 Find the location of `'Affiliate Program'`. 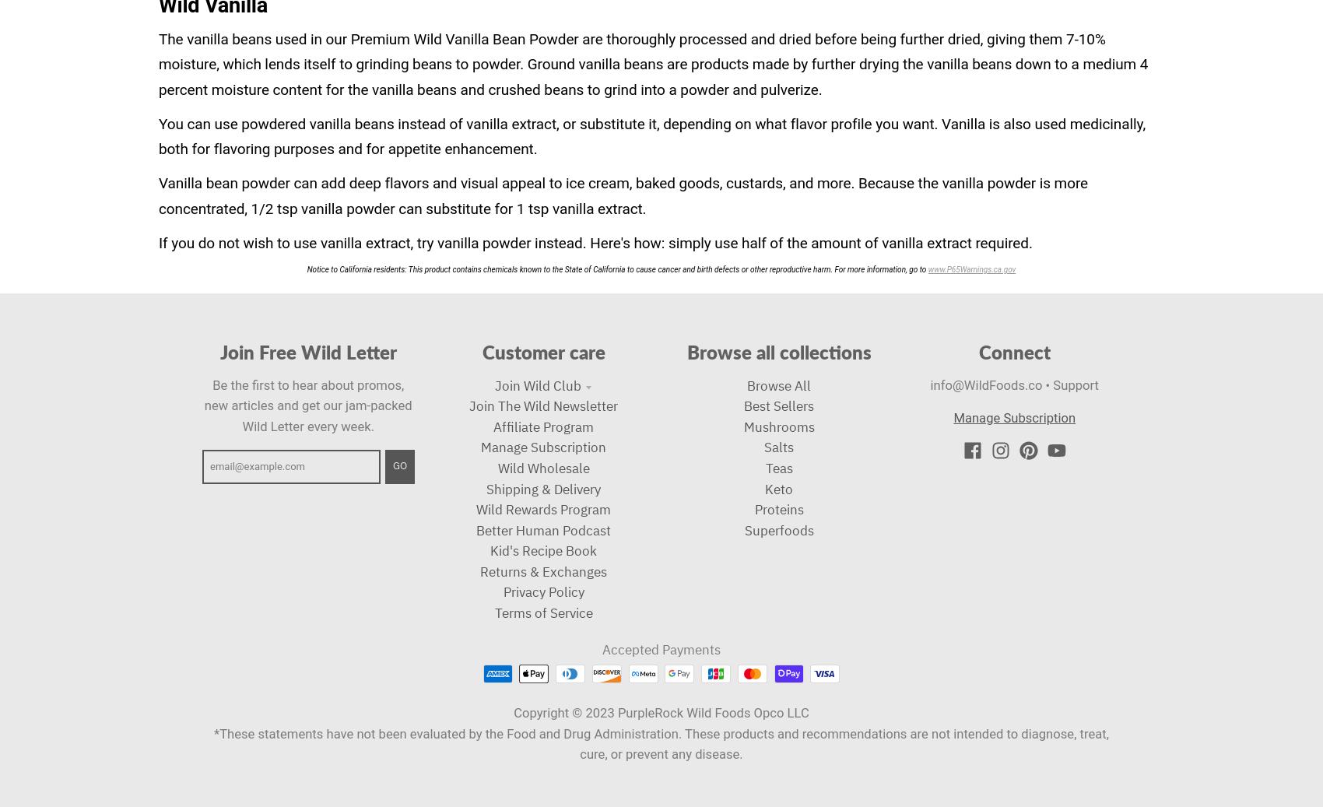

'Affiliate Program' is located at coordinates (492, 426).